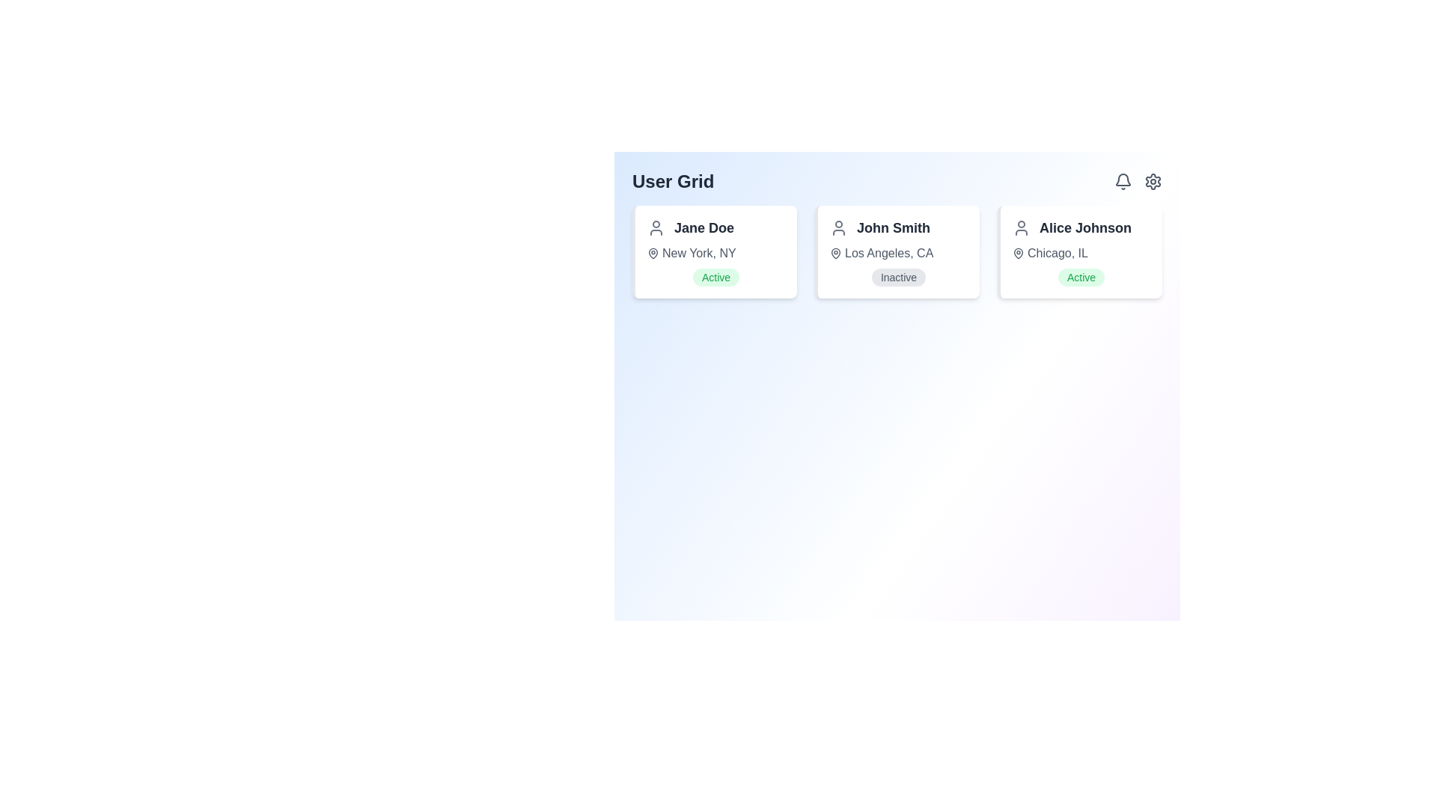 The height and width of the screenshot is (808, 1437). I want to click on the static data display card showing information about 'Alice Johnson', located in the top-right corner of the 'User Grid', so click(1080, 251).